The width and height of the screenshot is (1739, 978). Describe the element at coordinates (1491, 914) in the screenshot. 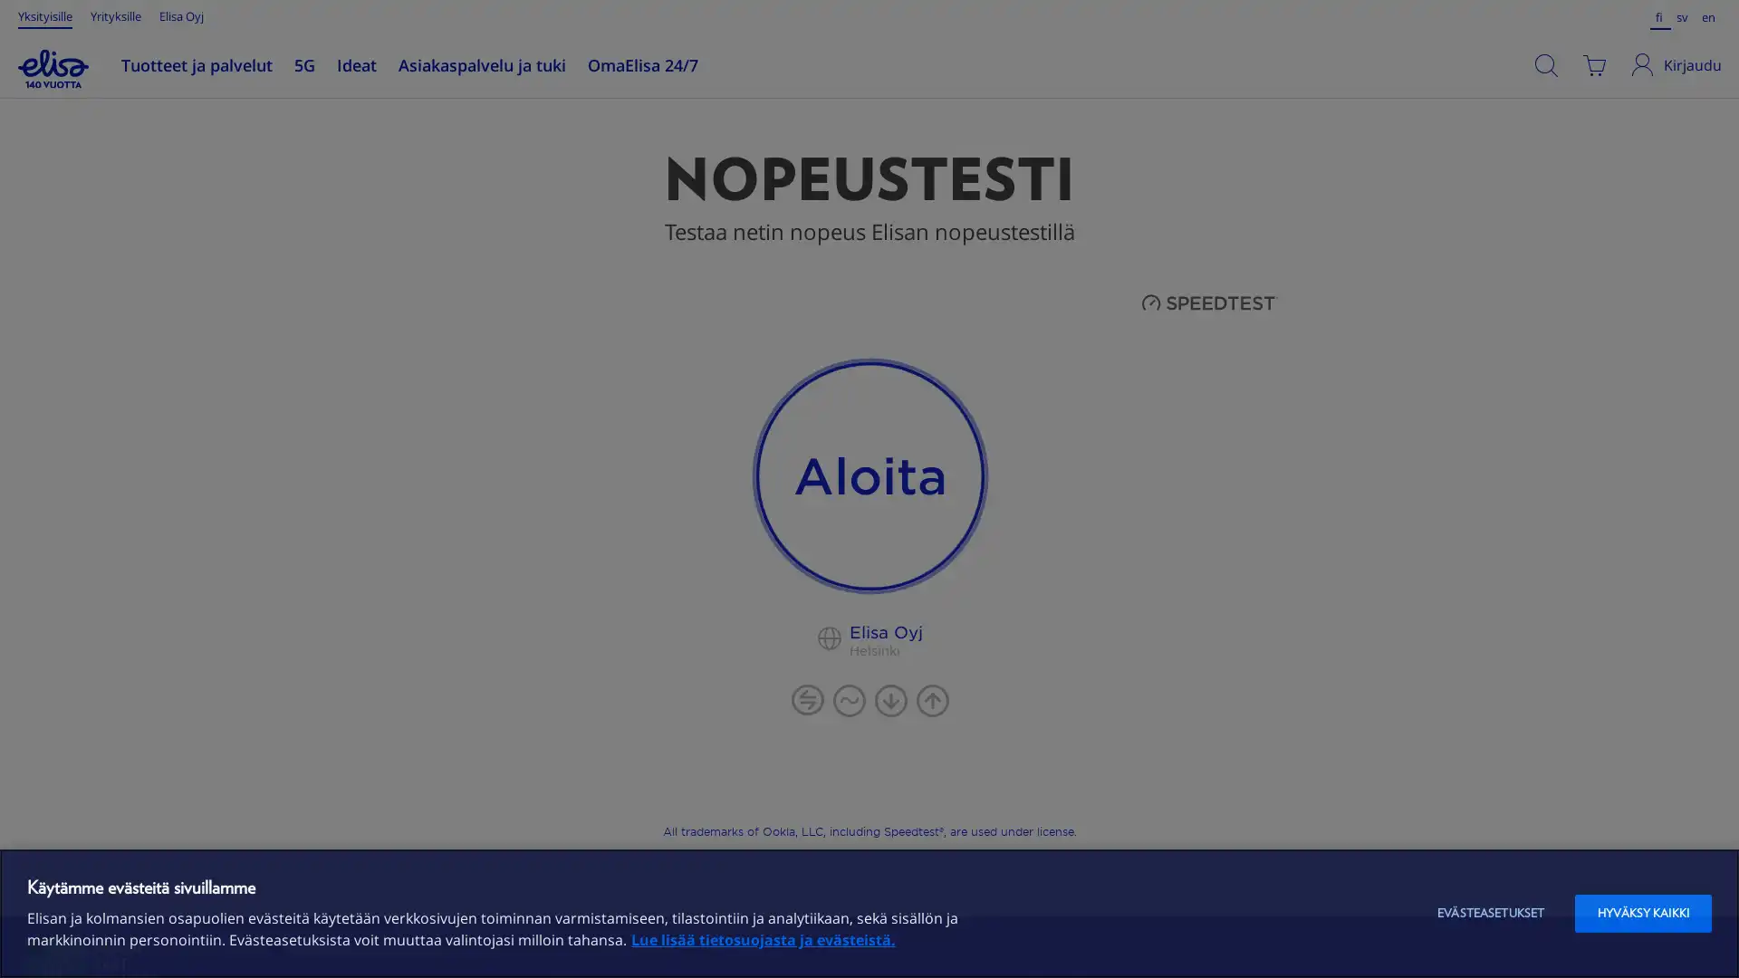

I see `EVASTEASETUKSET` at that location.